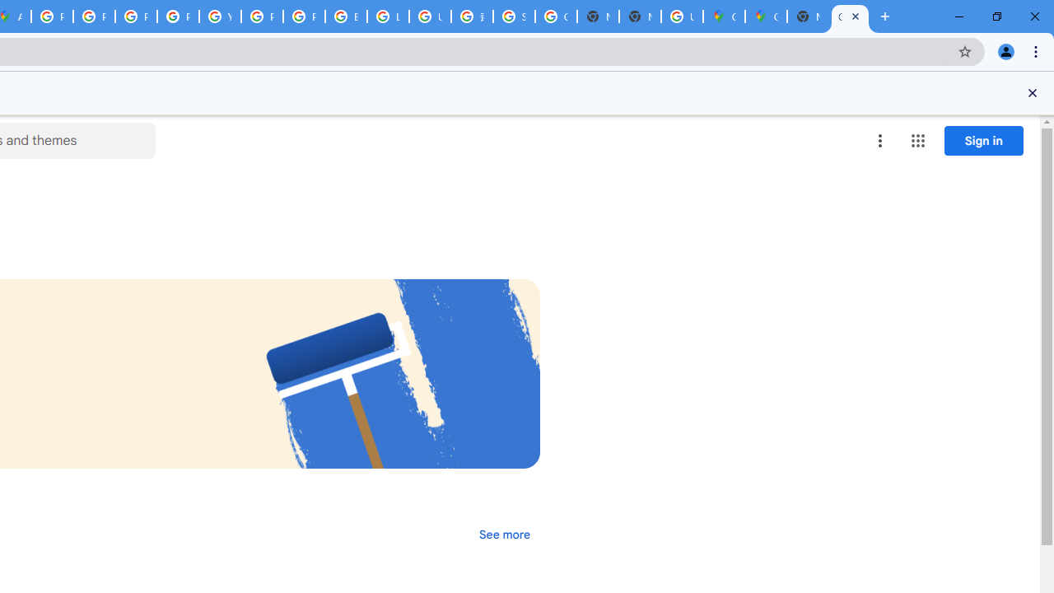 This screenshot has height=593, width=1054. I want to click on 'Sign in - Google Accounts', so click(513, 16).